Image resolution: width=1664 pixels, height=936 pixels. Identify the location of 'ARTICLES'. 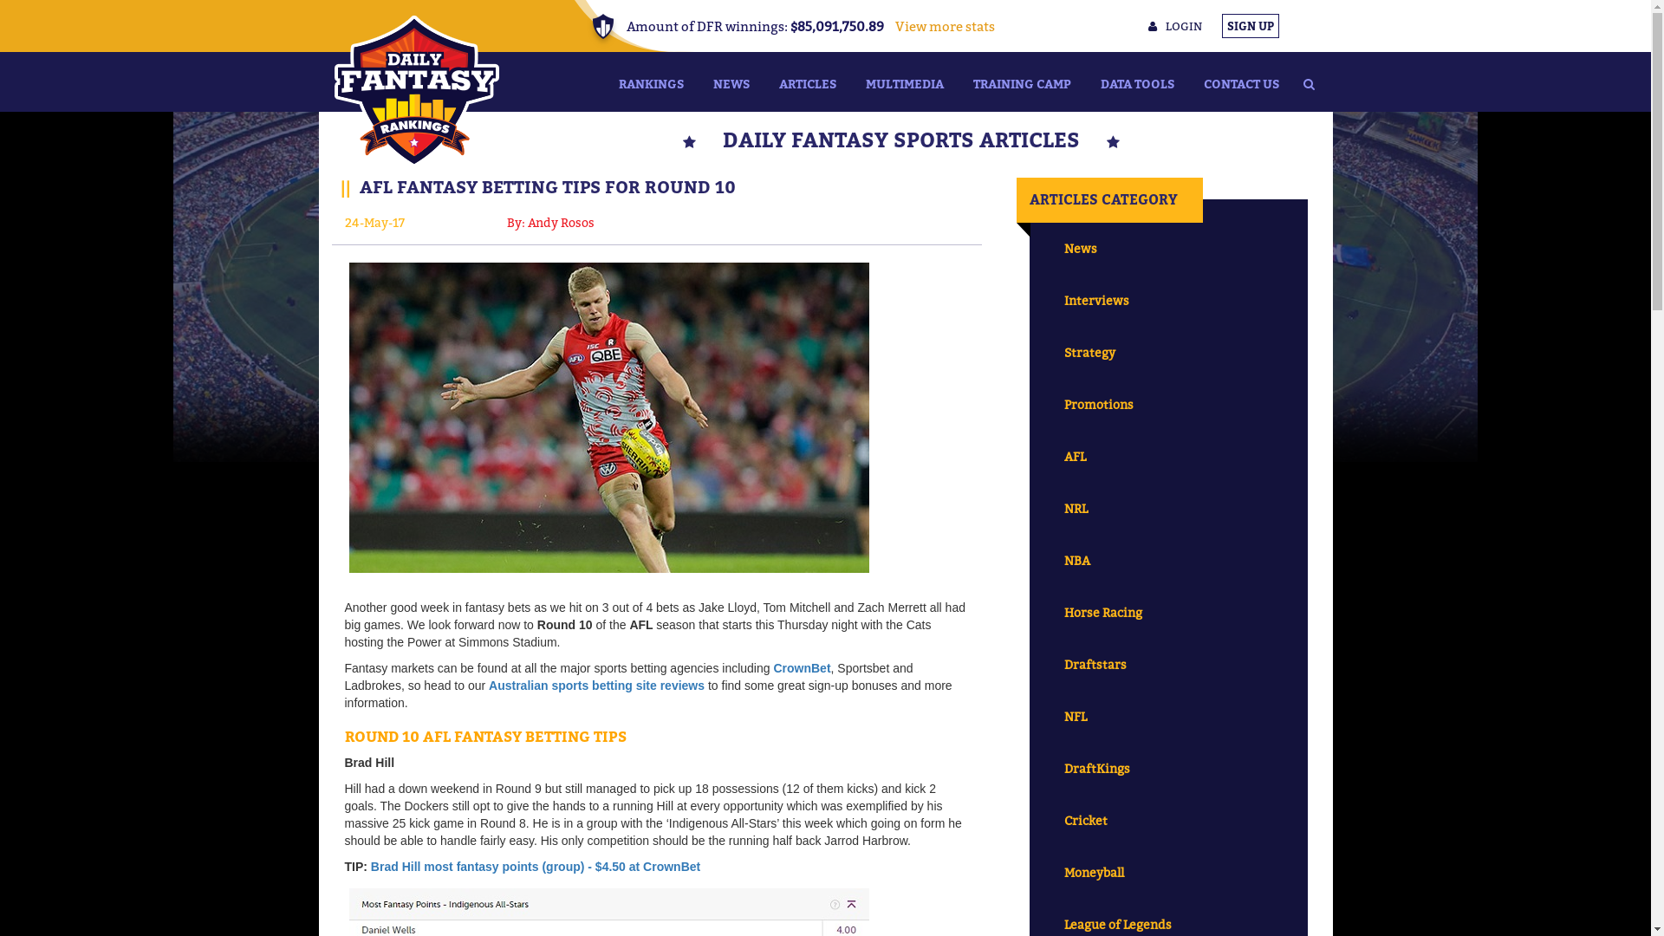
(806, 81).